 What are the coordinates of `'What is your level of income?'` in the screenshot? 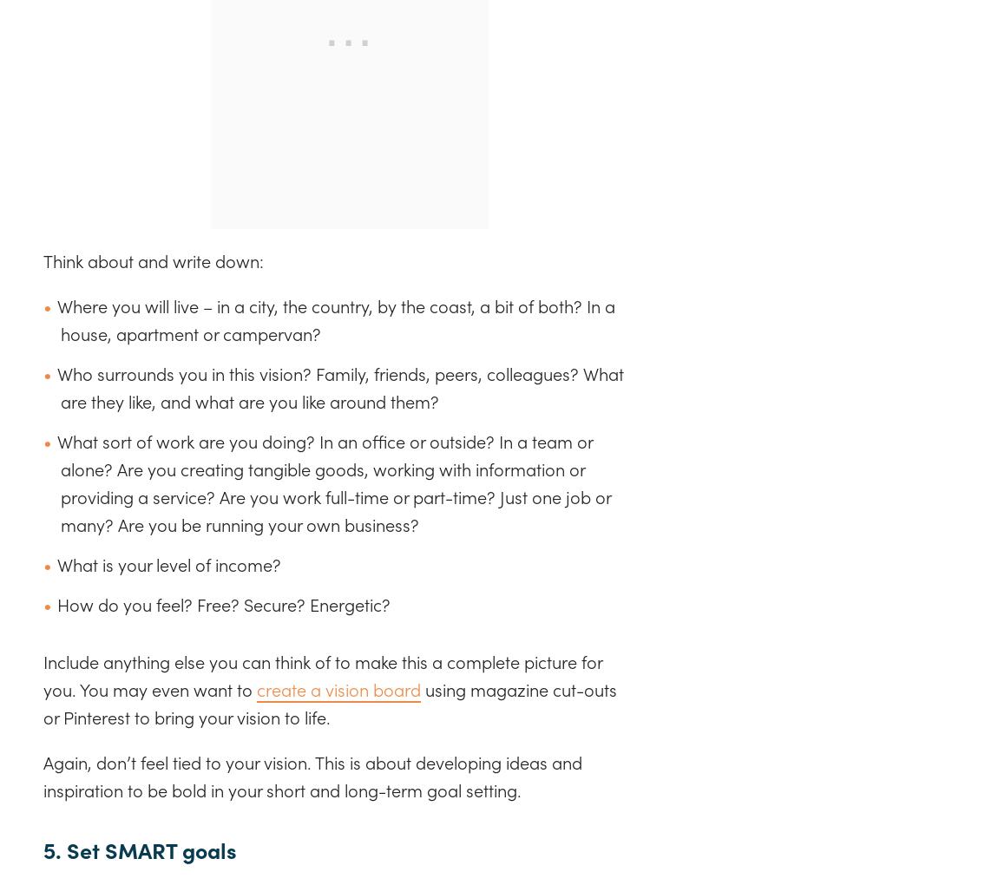 It's located at (170, 564).